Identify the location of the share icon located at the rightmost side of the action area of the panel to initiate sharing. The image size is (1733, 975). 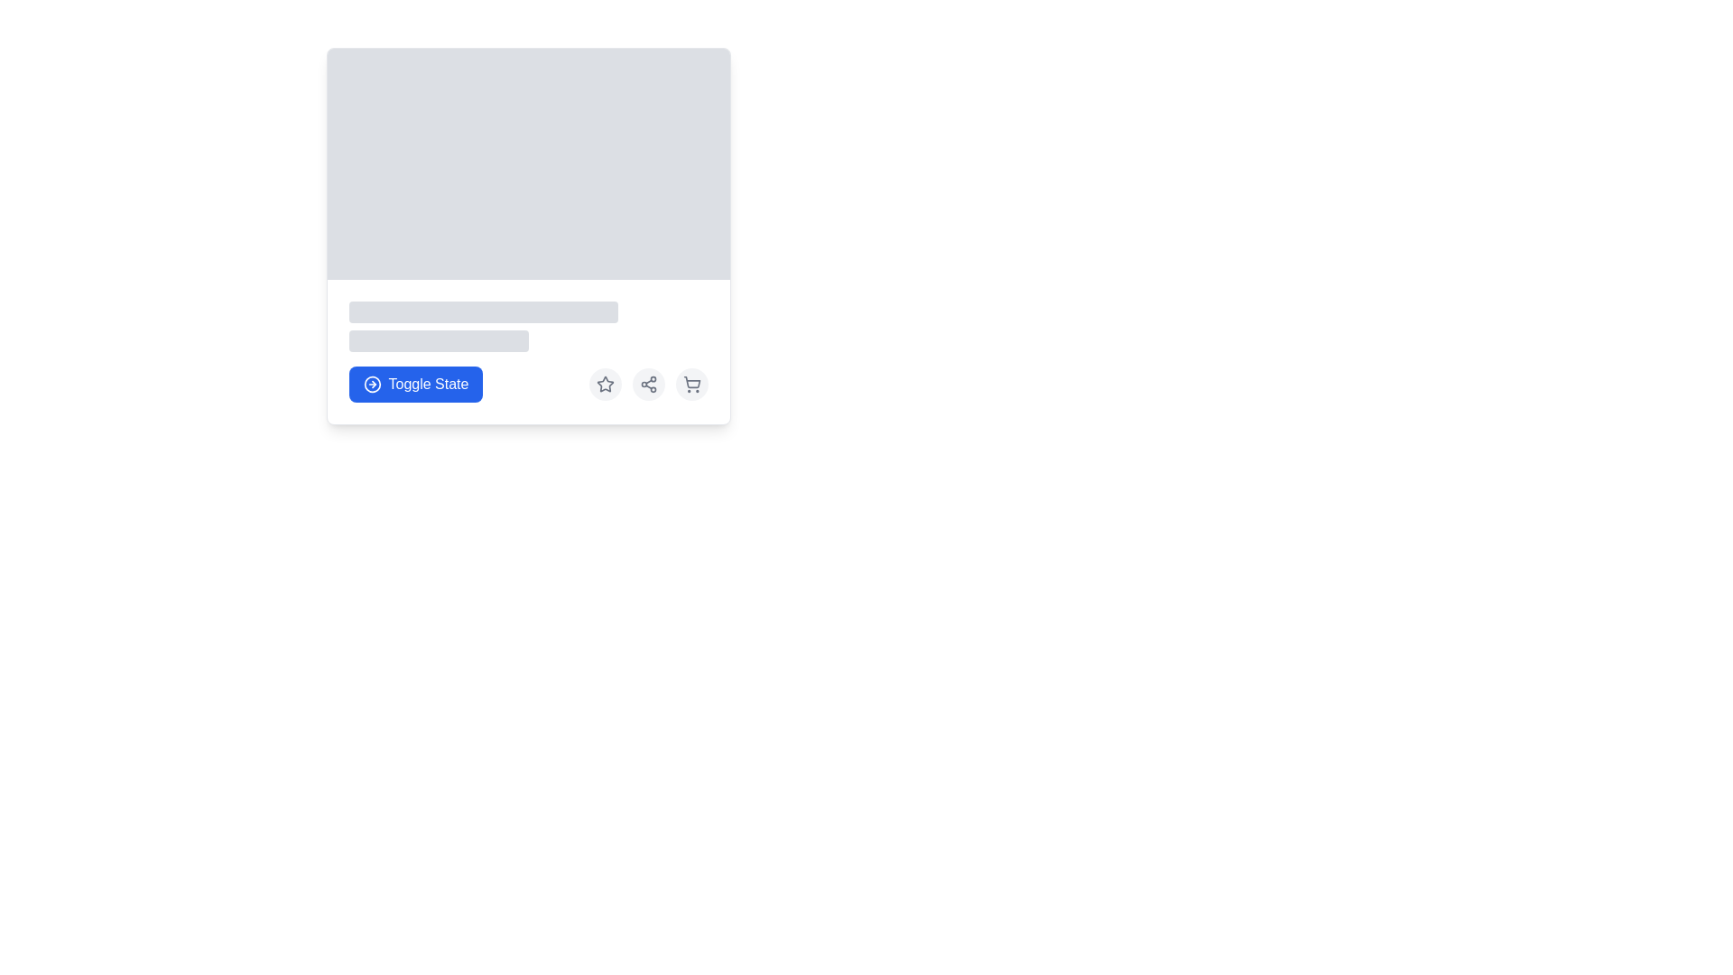
(648, 383).